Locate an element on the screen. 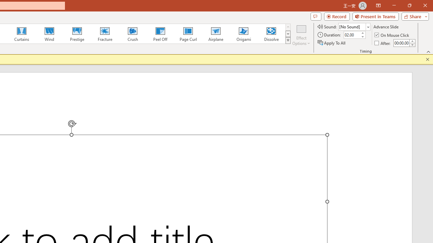 The image size is (433, 243). 'On Mouse Click' is located at coordinates (392, 35).